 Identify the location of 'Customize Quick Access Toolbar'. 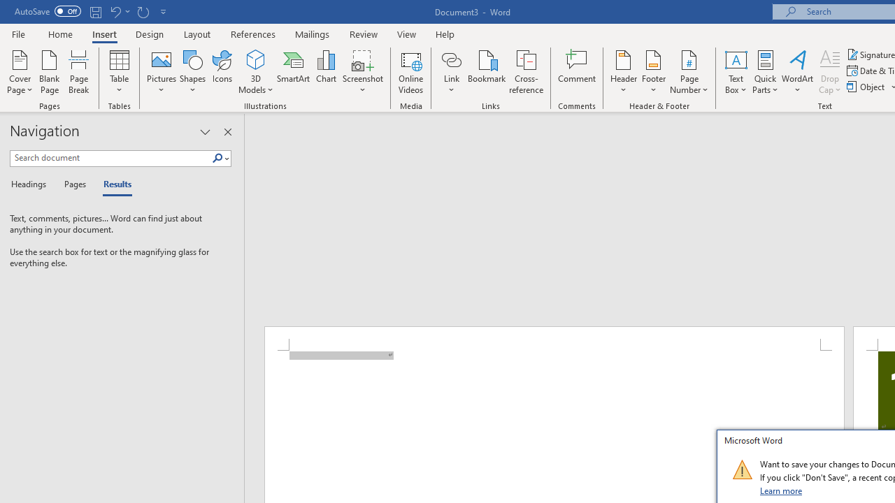
(164, 11).